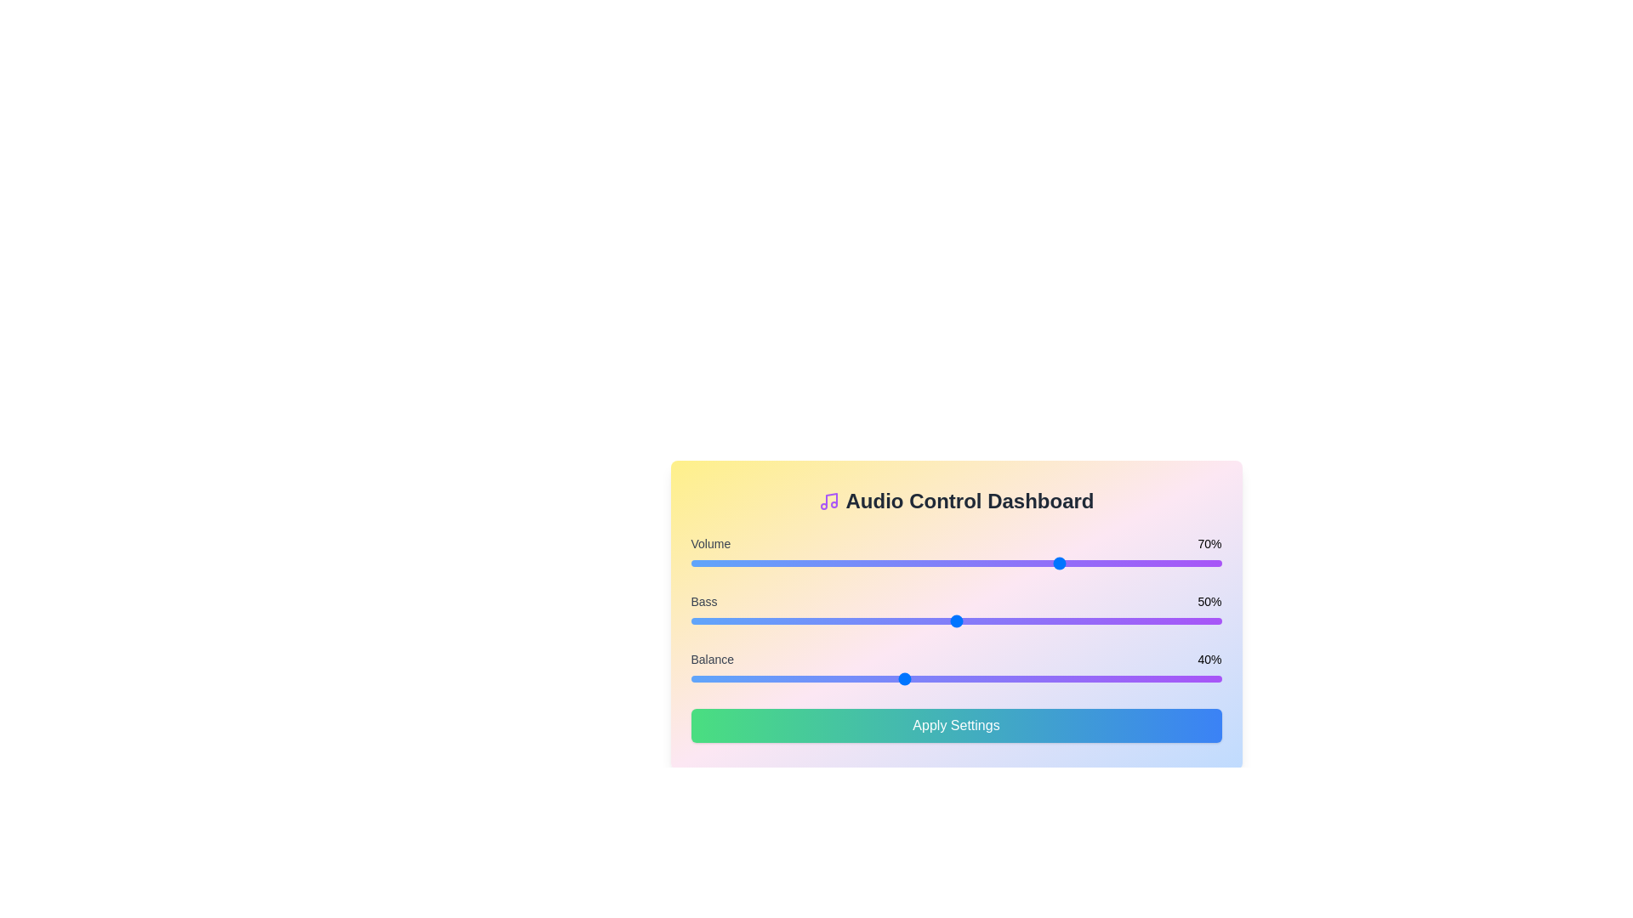 The image size is (1633, 918). Describe the element at coordinates (908, 621) in the screenshot. I see `bass level` at that location.